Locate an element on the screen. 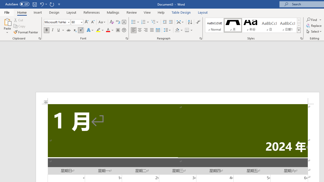  'Borders' is located at coordinates (187, 30).